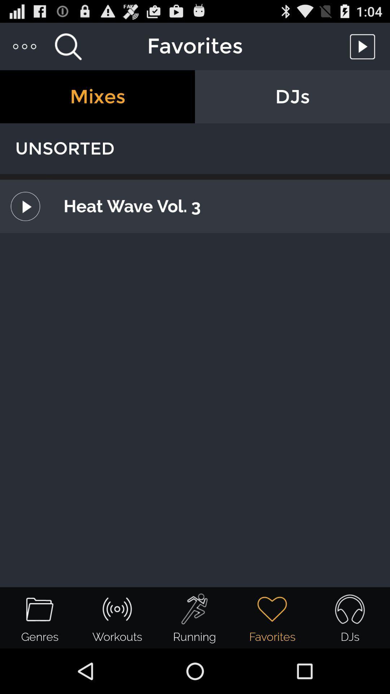 The width and height of the screenshot is (390, 694). I want to click on options, so click(25, 46).